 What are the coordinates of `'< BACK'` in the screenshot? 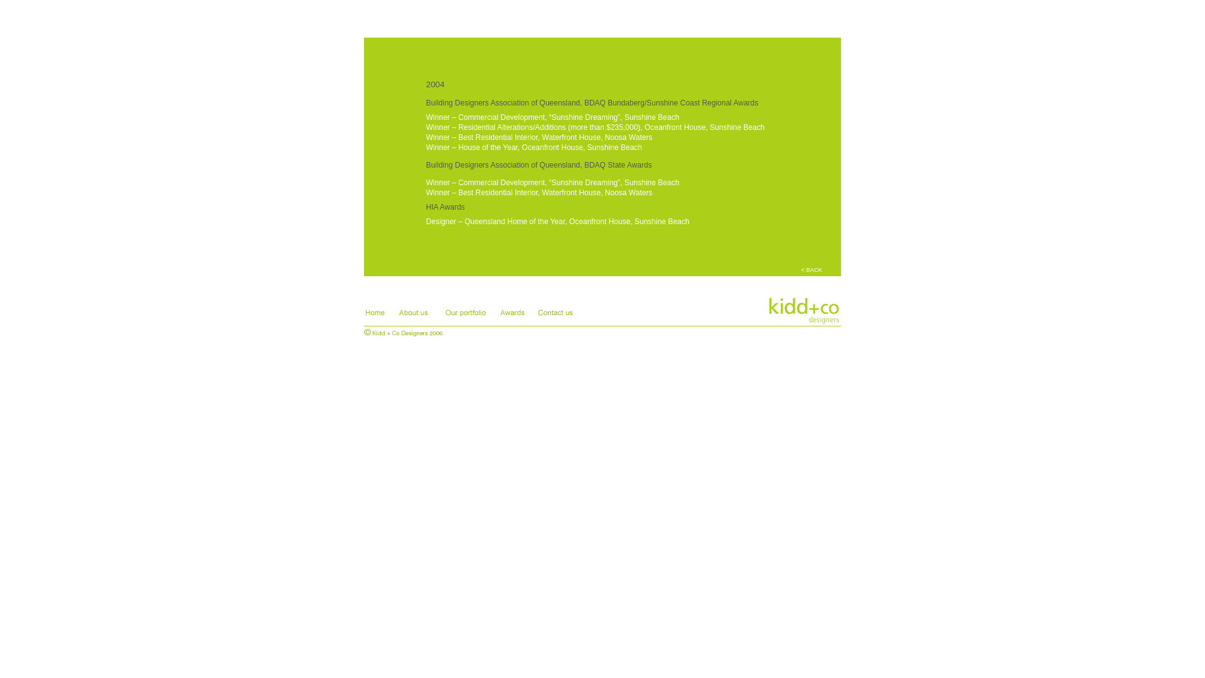 It's located at (800, 269).